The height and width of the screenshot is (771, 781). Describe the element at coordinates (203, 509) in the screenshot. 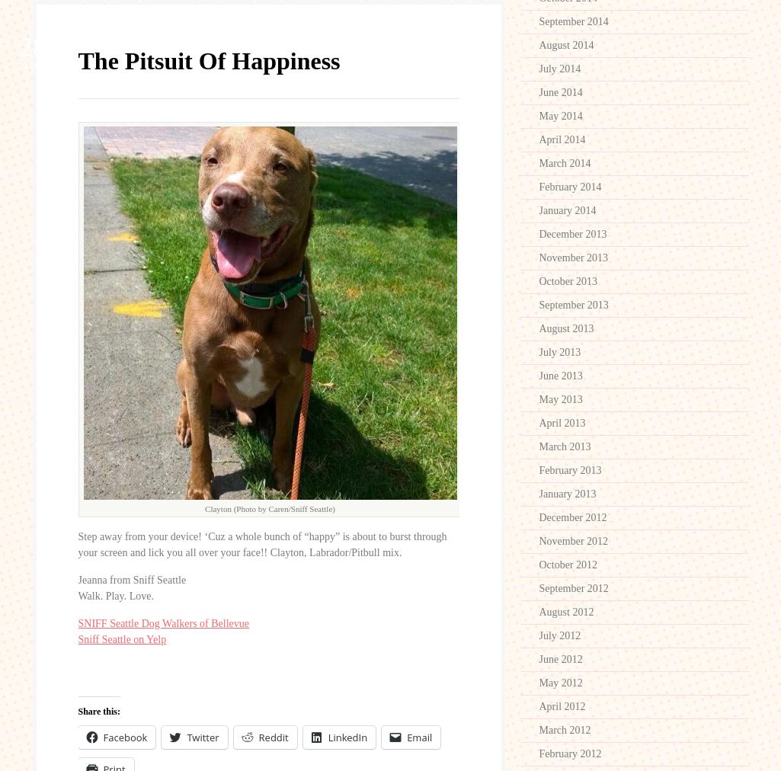

I see `'Clayton (Photo by Caren/Sniff Seattle)'` at that location.